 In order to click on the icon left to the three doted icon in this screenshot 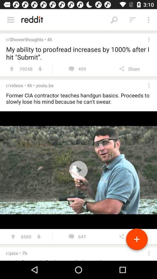, I will do `click(133, 20)`.